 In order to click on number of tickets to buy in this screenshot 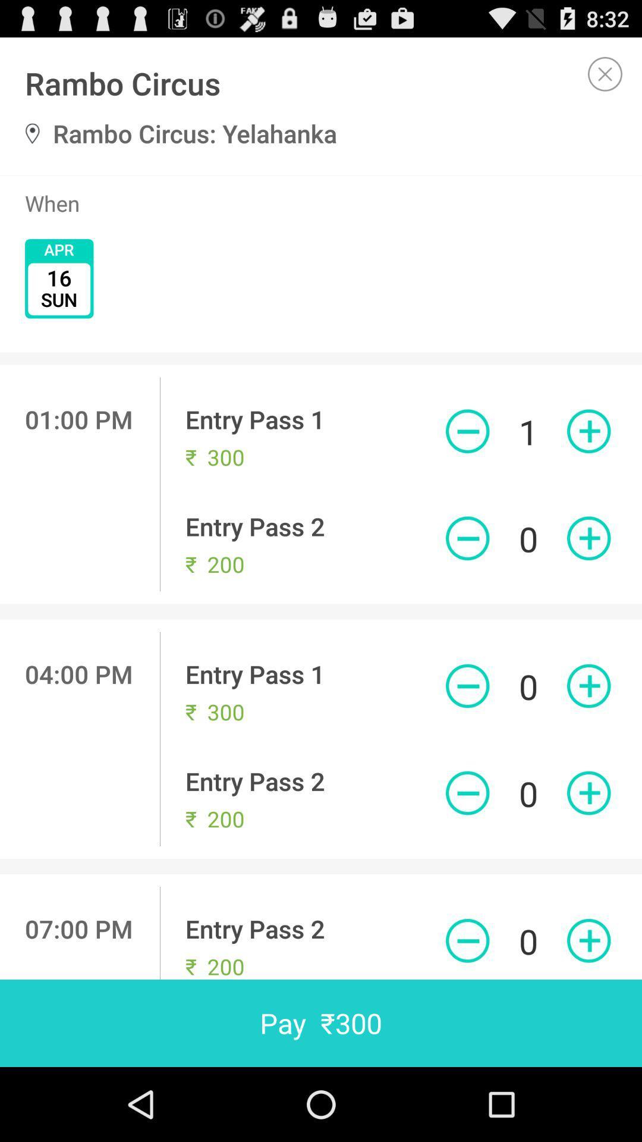, I will do `click(588, 538)`.